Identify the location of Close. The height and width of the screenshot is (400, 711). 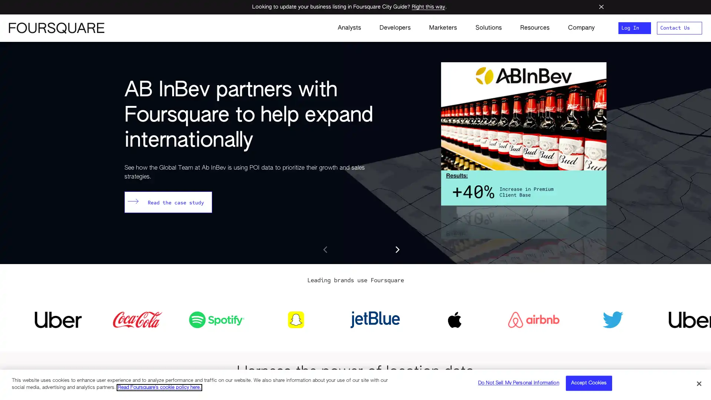
(698, 383).